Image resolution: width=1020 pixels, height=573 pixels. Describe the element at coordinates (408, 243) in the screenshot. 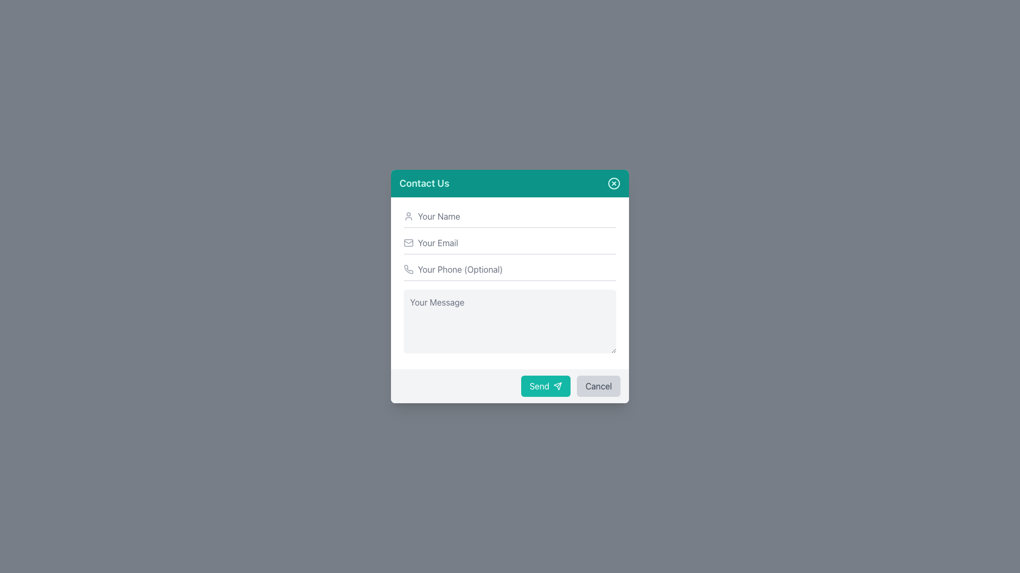

I see `the decorative icon that visually indicates the email input field in the 'Contact Us' form, located below the 'Your Name' input and above the 'Your Phone (Optional)' input` at that location.